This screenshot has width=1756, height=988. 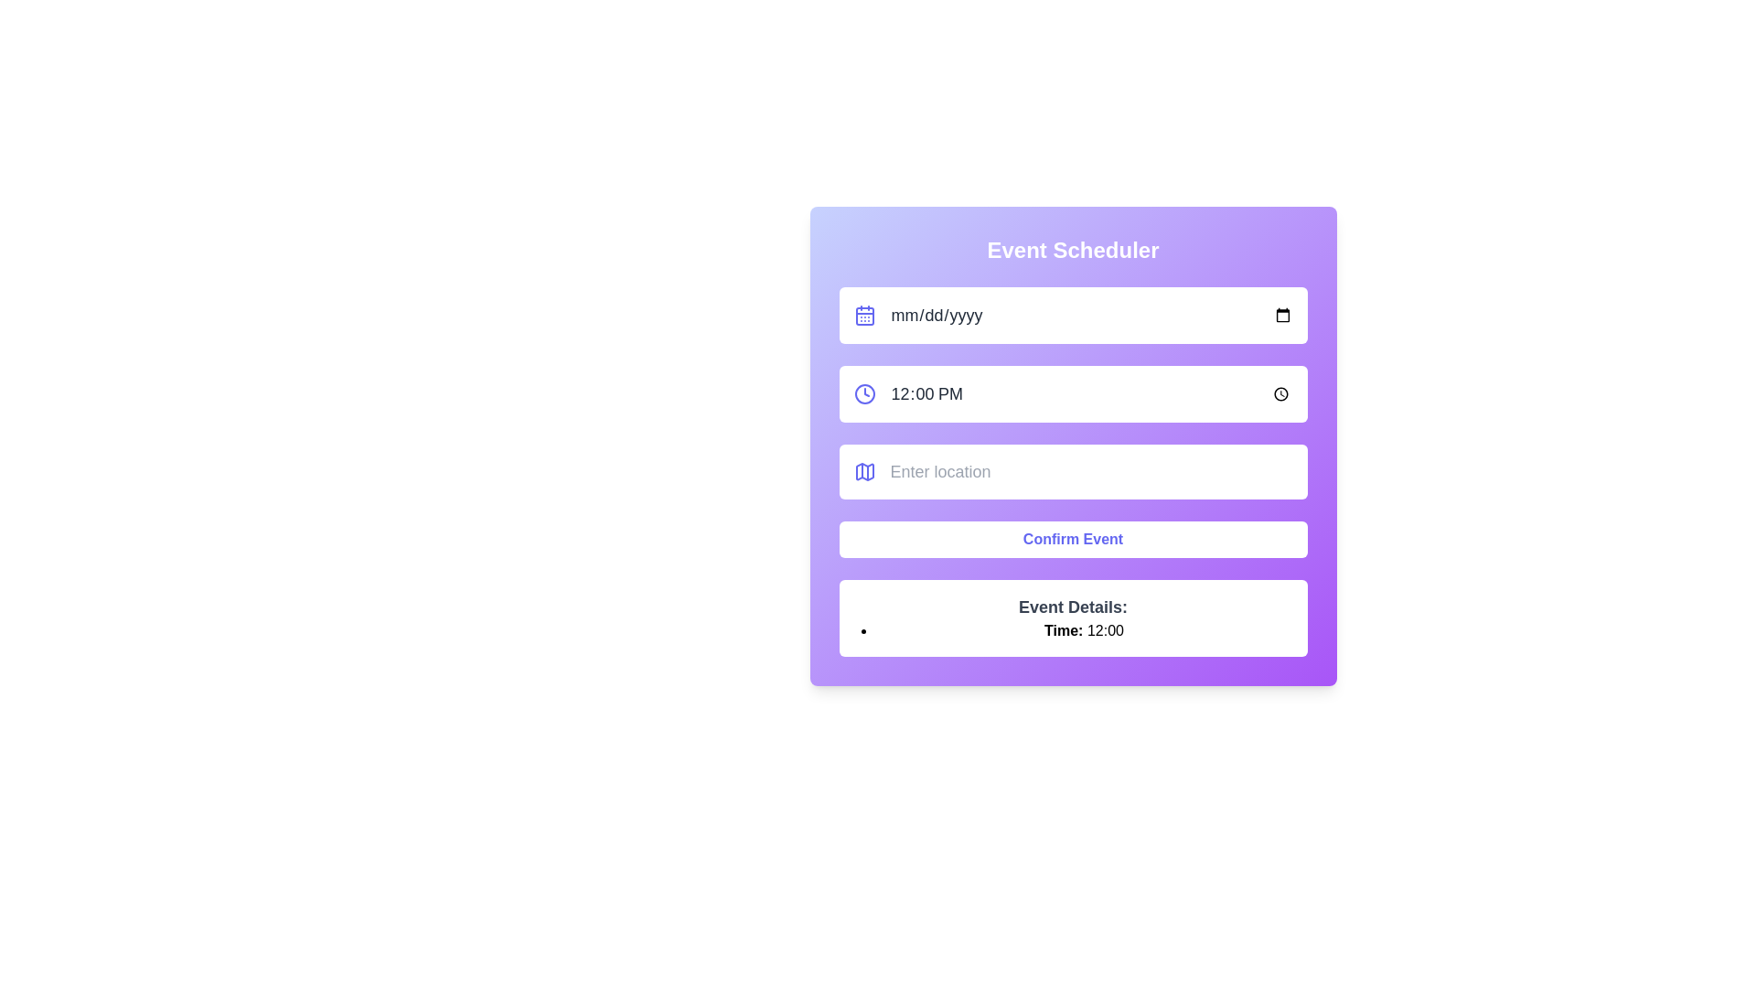 What do you see at coordinates (863, 314) in the screenshot?
I see `the indigo calendar icon with a modern rounded appearance located on the leftmost side of the first input row in the 'Event Scheduler' widget` at bounding box center [863, 314].